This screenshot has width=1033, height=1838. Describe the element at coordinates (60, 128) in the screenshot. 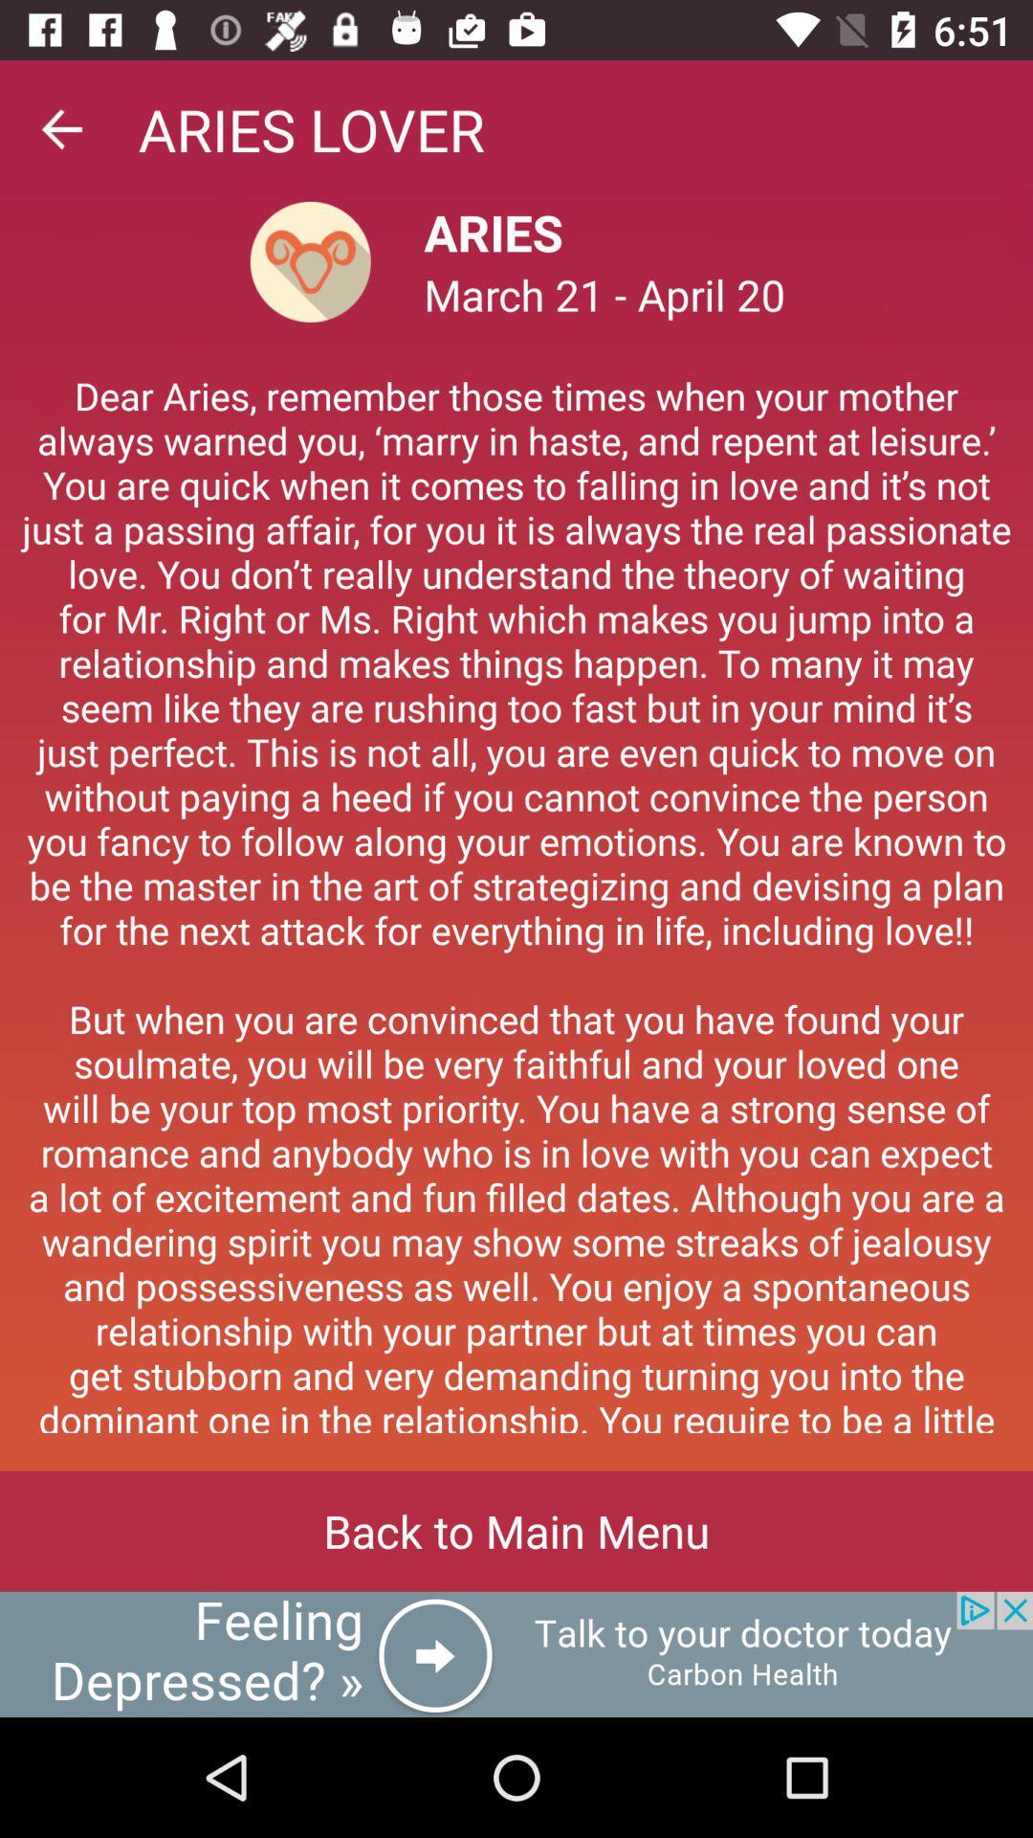

I see `go back` at that location.